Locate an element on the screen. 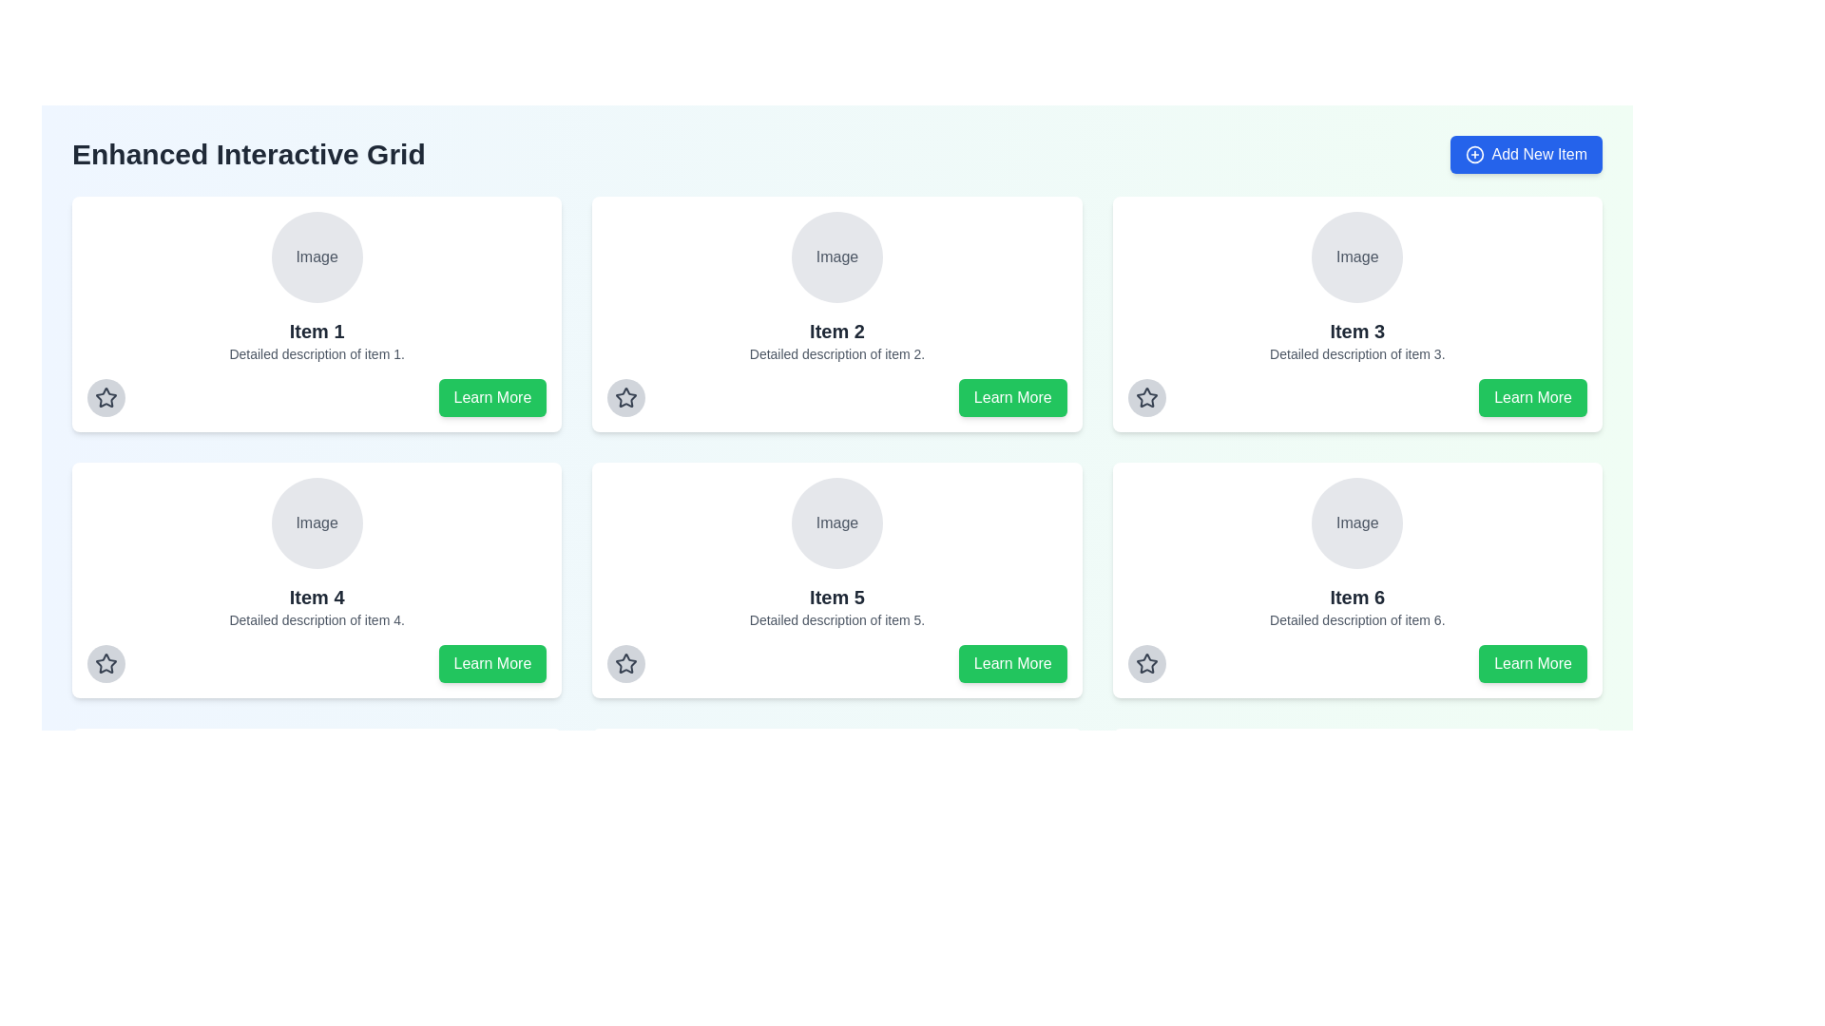 The width and height of the screenshot is (1825, 1026). the button in the second row, fourth position of the grid to observe the hover effect for 'Item 4' is located at coordinates (492, 662).